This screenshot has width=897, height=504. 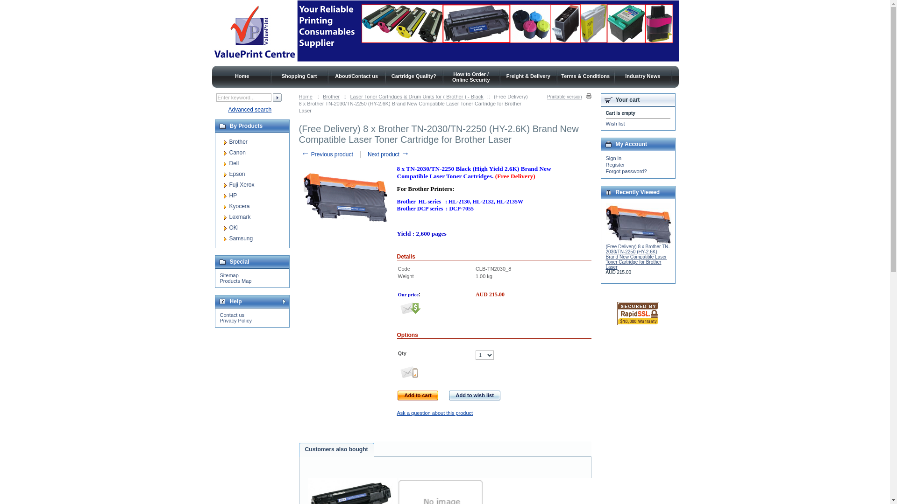 What do you see at coordinates (234, 163) in the screenshot?
I see `'Dell'` at bounding box center [234, 163].